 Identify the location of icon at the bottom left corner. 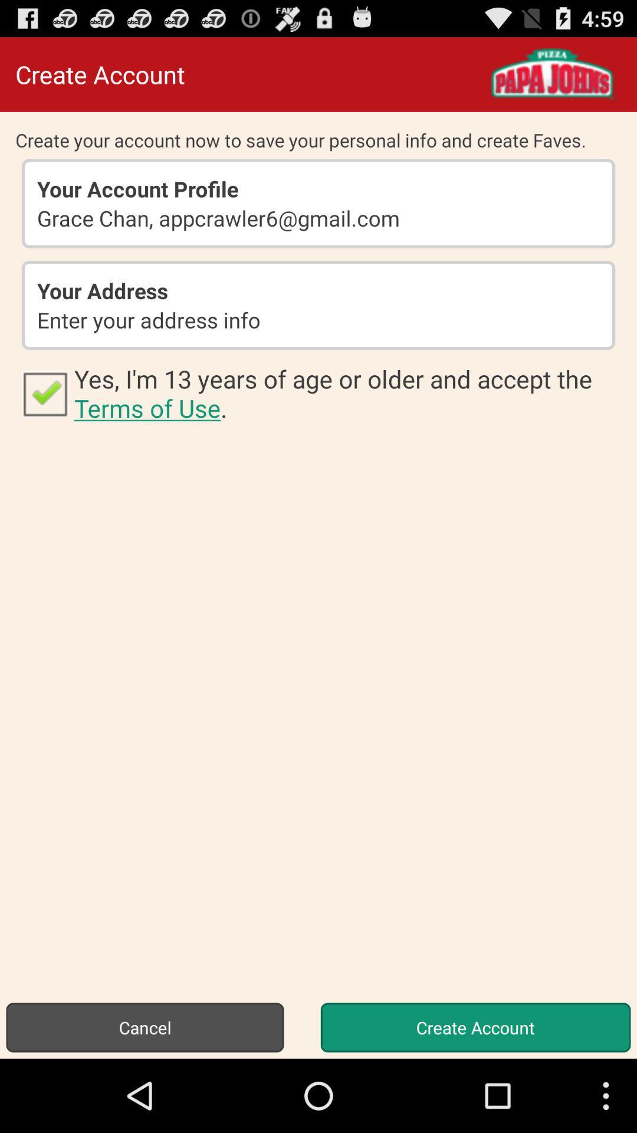
(145, 1027).